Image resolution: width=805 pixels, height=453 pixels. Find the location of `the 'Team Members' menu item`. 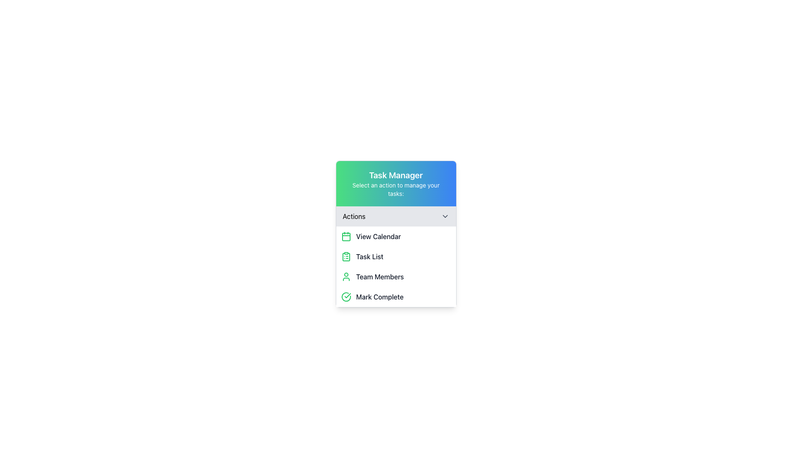

the 'Team Members' menu item is located at coordinates (395, 267).